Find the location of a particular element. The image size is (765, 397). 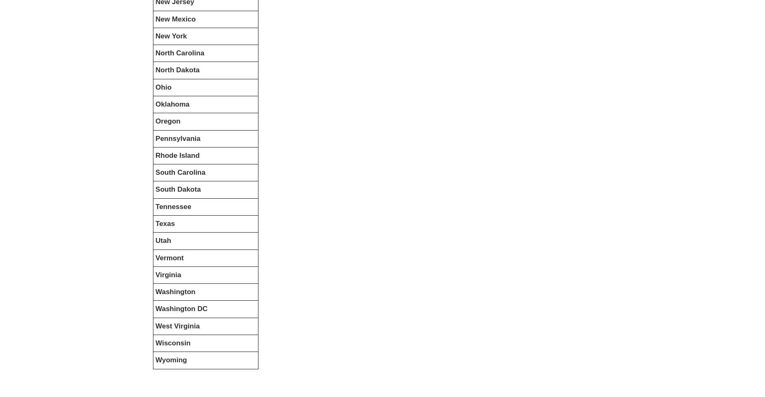

'South Carolina' is located at coordinates (180, 172).